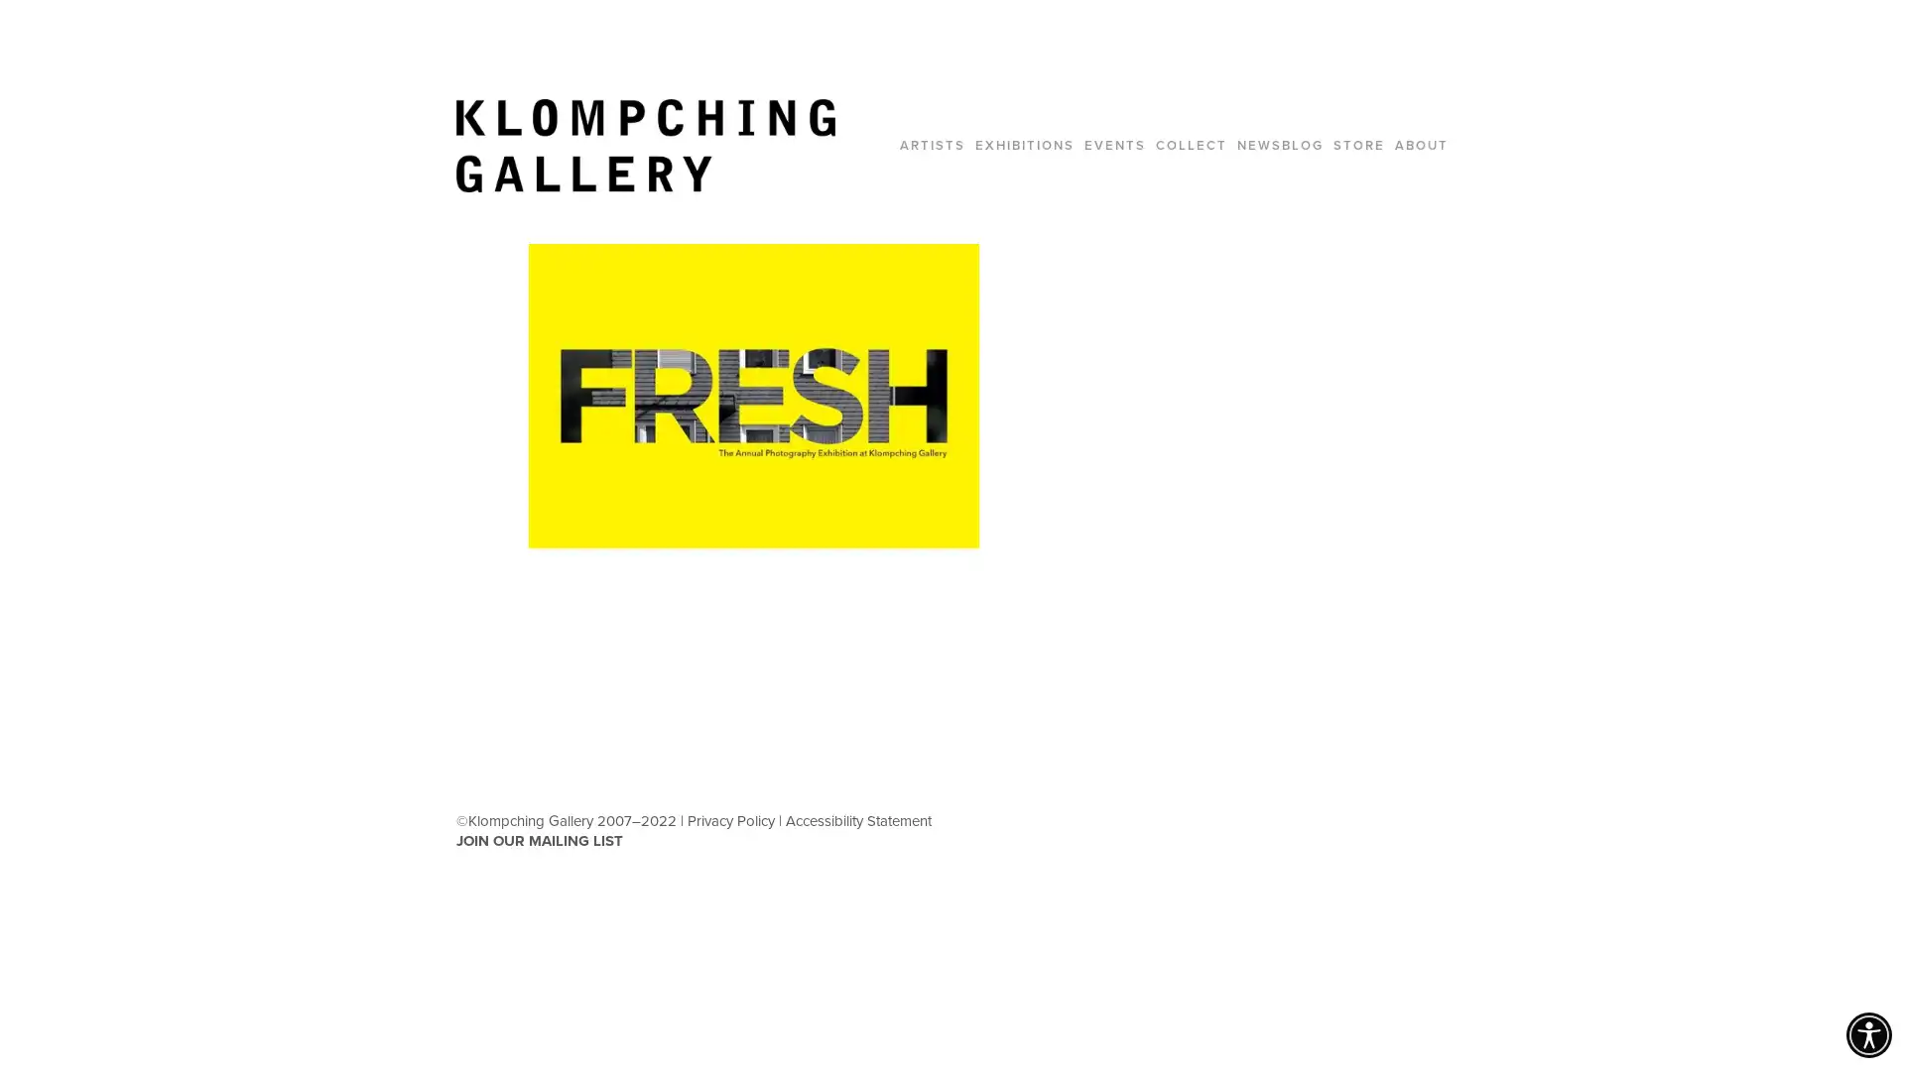 The width and height of the screenshot is (1905, 1071). I want to click on Close, so click(1302, 305).